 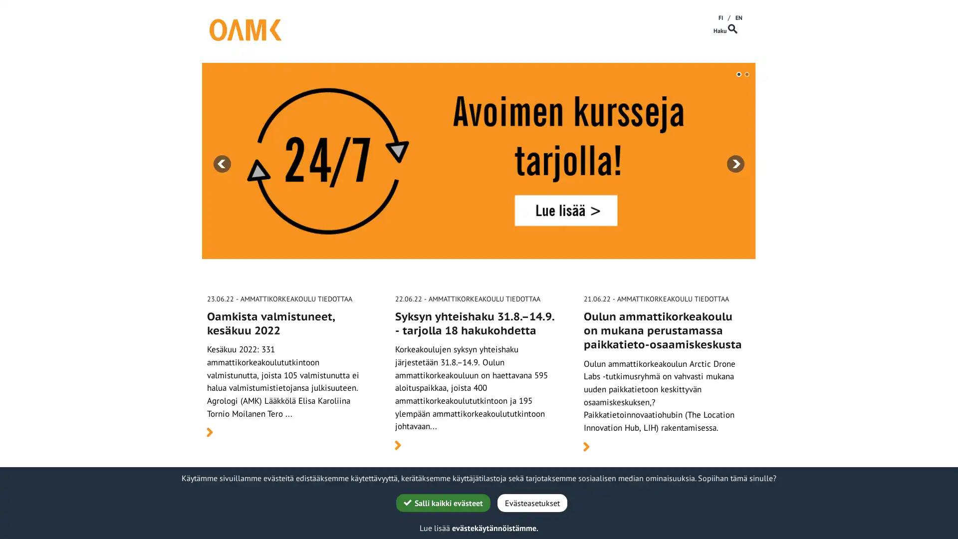 I want to click on G  Salli kaikki evasteet, so click(x=442, y=503).